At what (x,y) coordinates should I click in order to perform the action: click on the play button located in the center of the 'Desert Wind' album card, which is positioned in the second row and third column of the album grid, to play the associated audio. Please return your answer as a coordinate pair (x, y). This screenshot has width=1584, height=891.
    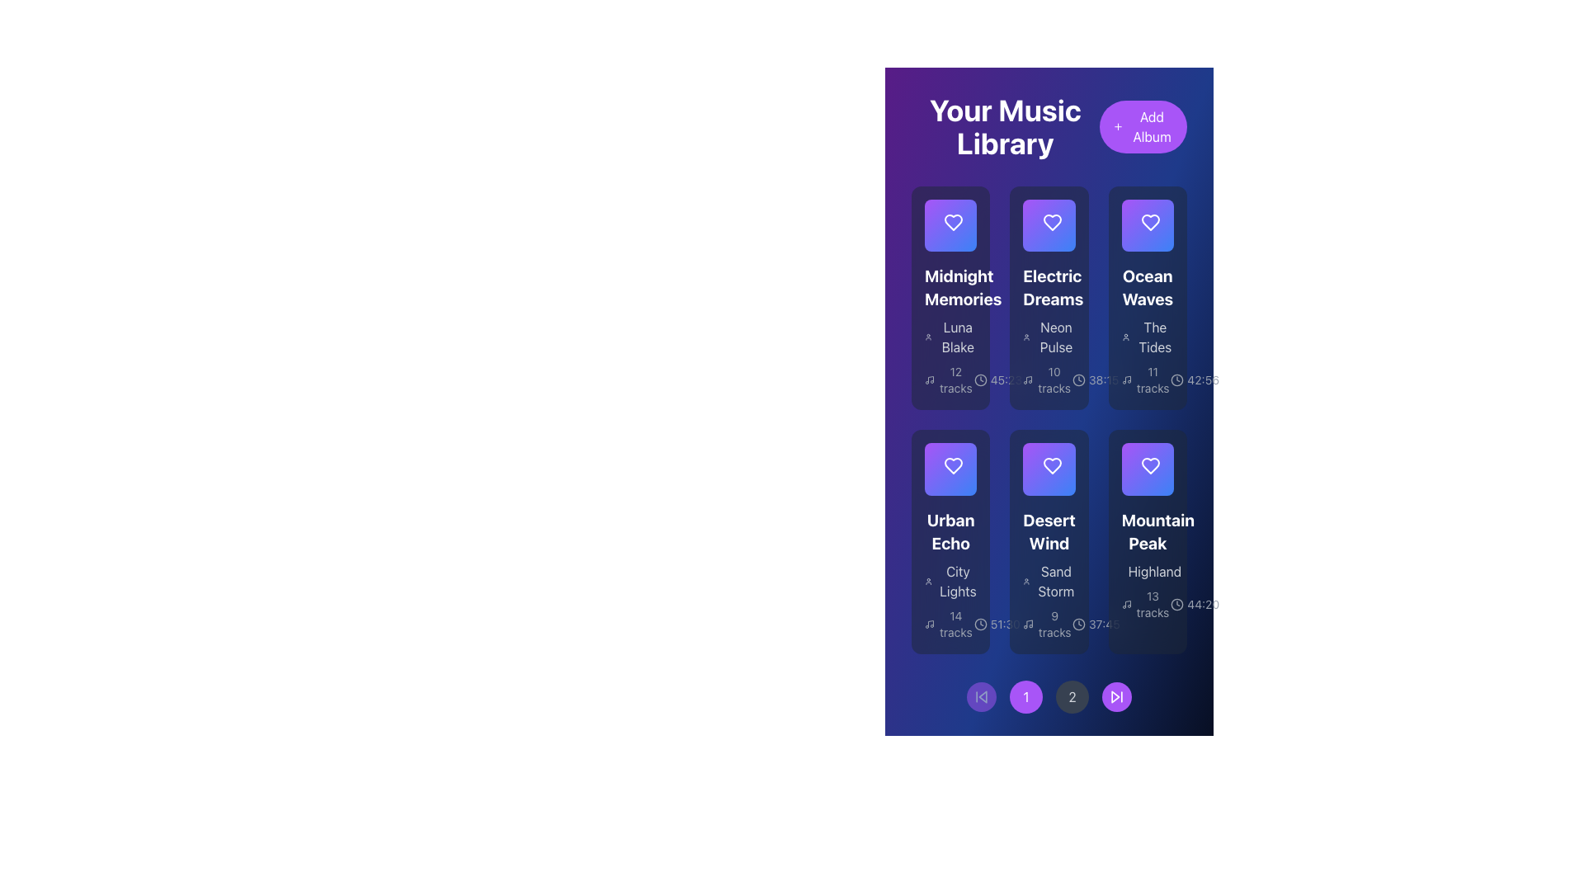
    Looking at the image, I should click on (1049, 469).